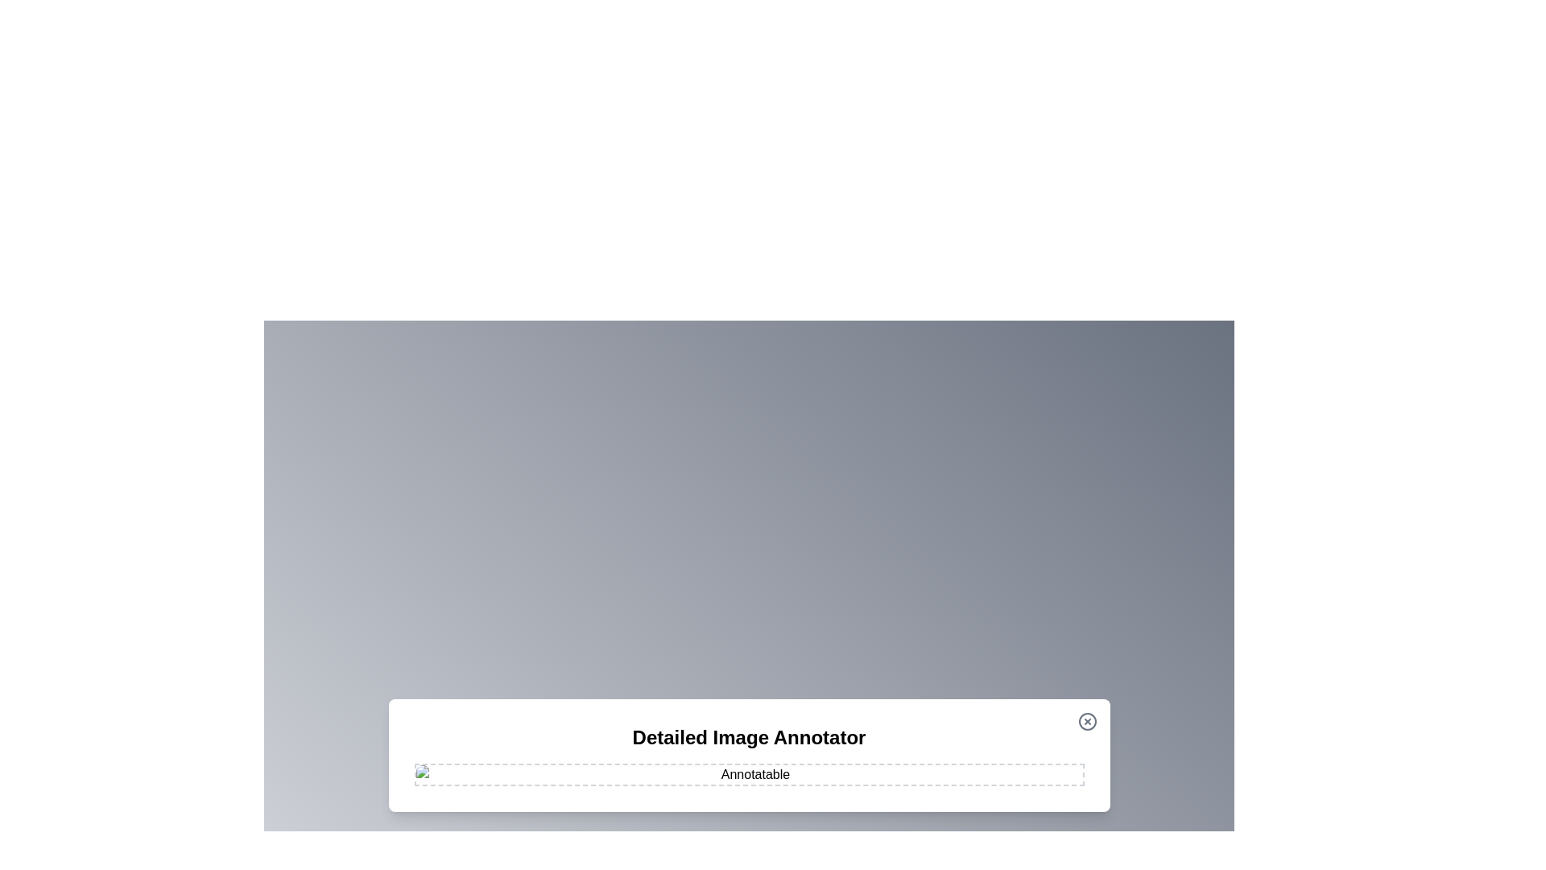  I want to click on the image at coordinates (1001, 954) to add an annotation, so click(806, 767).